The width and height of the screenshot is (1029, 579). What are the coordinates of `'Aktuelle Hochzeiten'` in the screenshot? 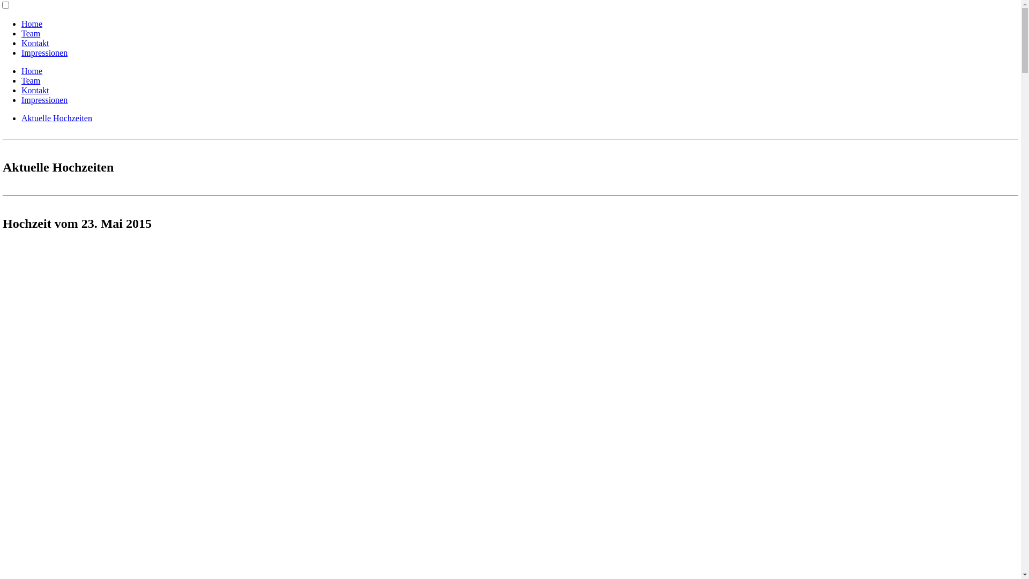 It's located at (56, 118).